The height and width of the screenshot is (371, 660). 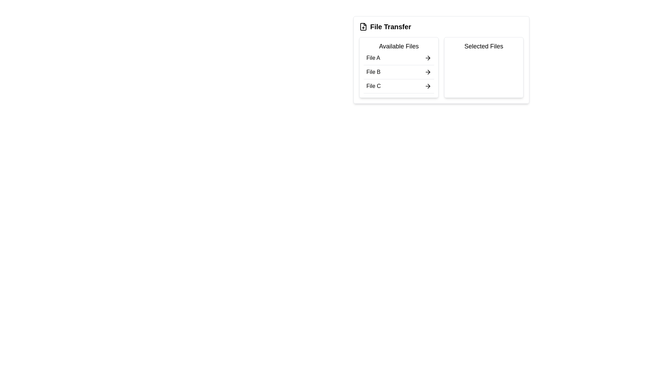 What do you see at coordinates (427, 72) in the screenshot?
I see `the right-pointing arrow icon located beside the text 'File B' in the 'Available Files' section of the 'File Transfer' panel to initiate the file transfer` at bounding box center [427, 72].